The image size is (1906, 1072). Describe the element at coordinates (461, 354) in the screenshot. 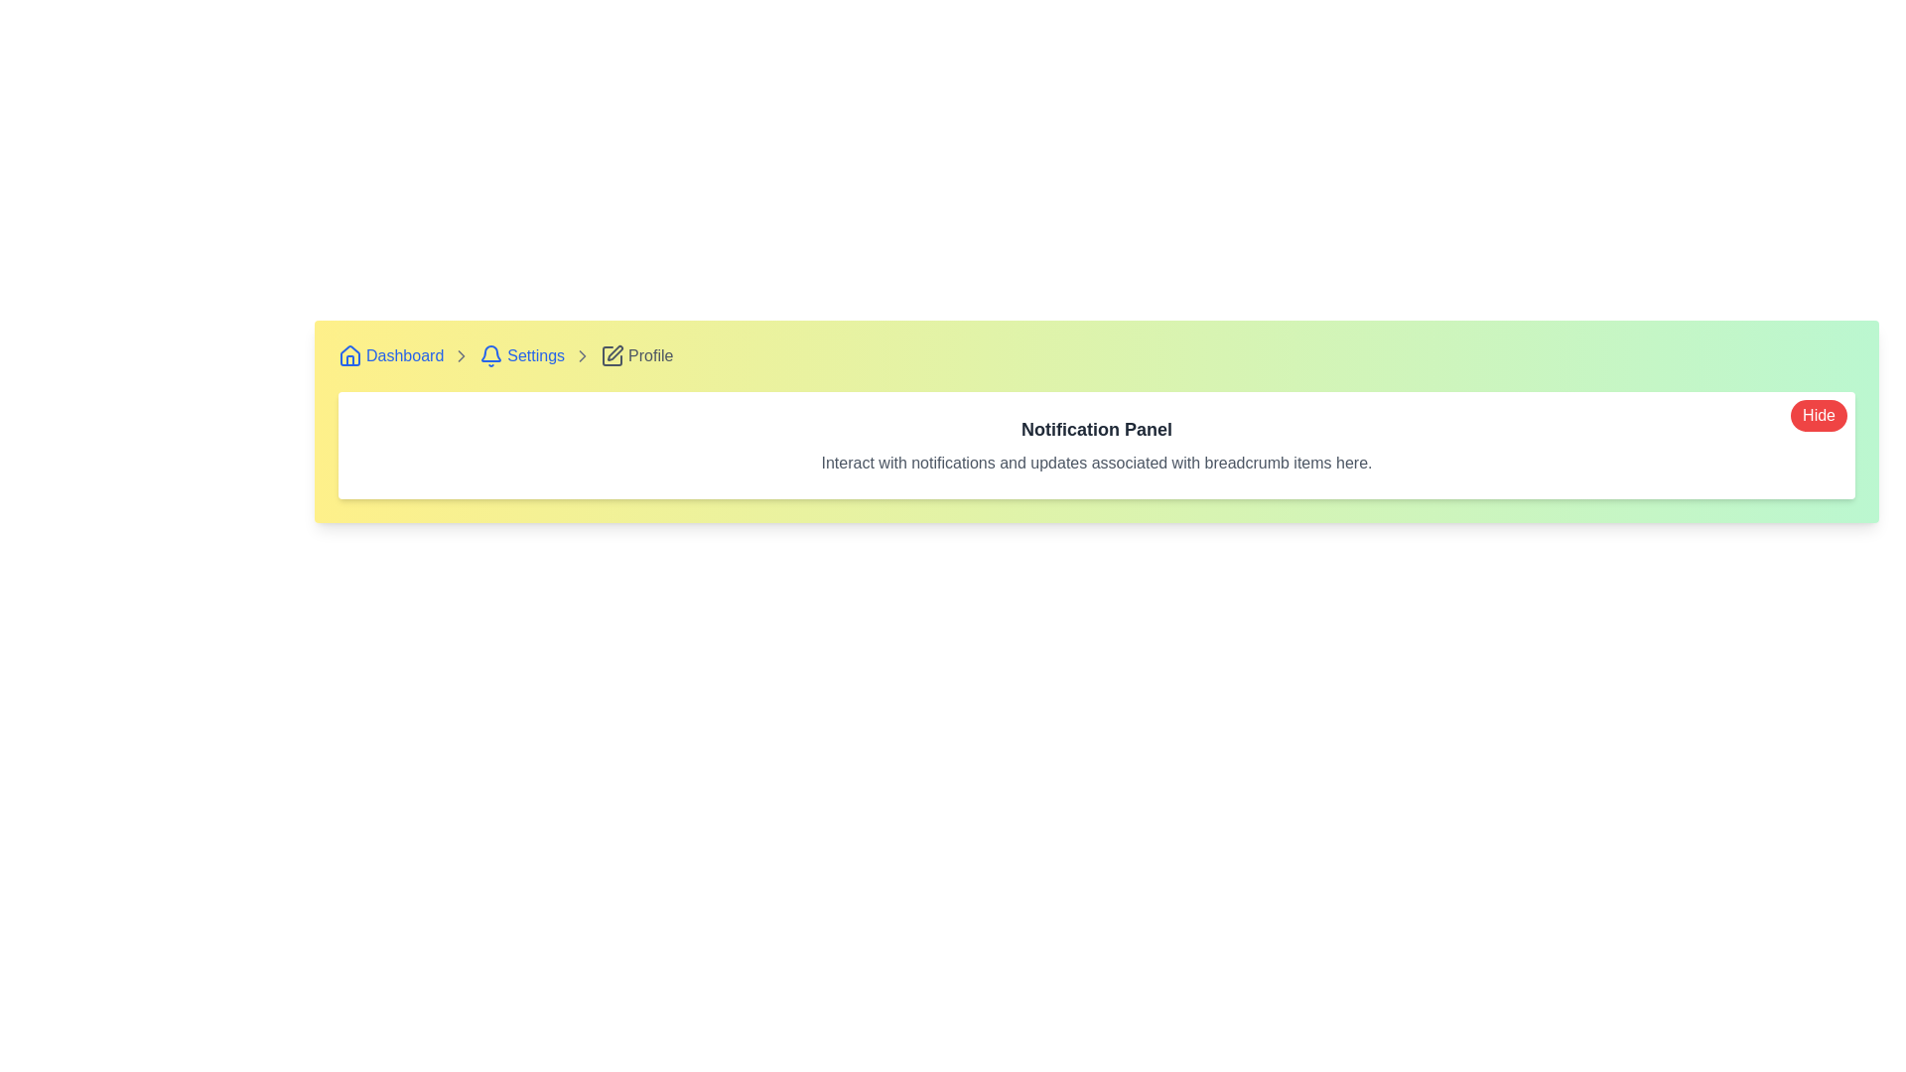

I see `the right-pointing chevron icon in the breadcrumb navigation, which separates the 'Settings' and 'Profile' texts` at that location.